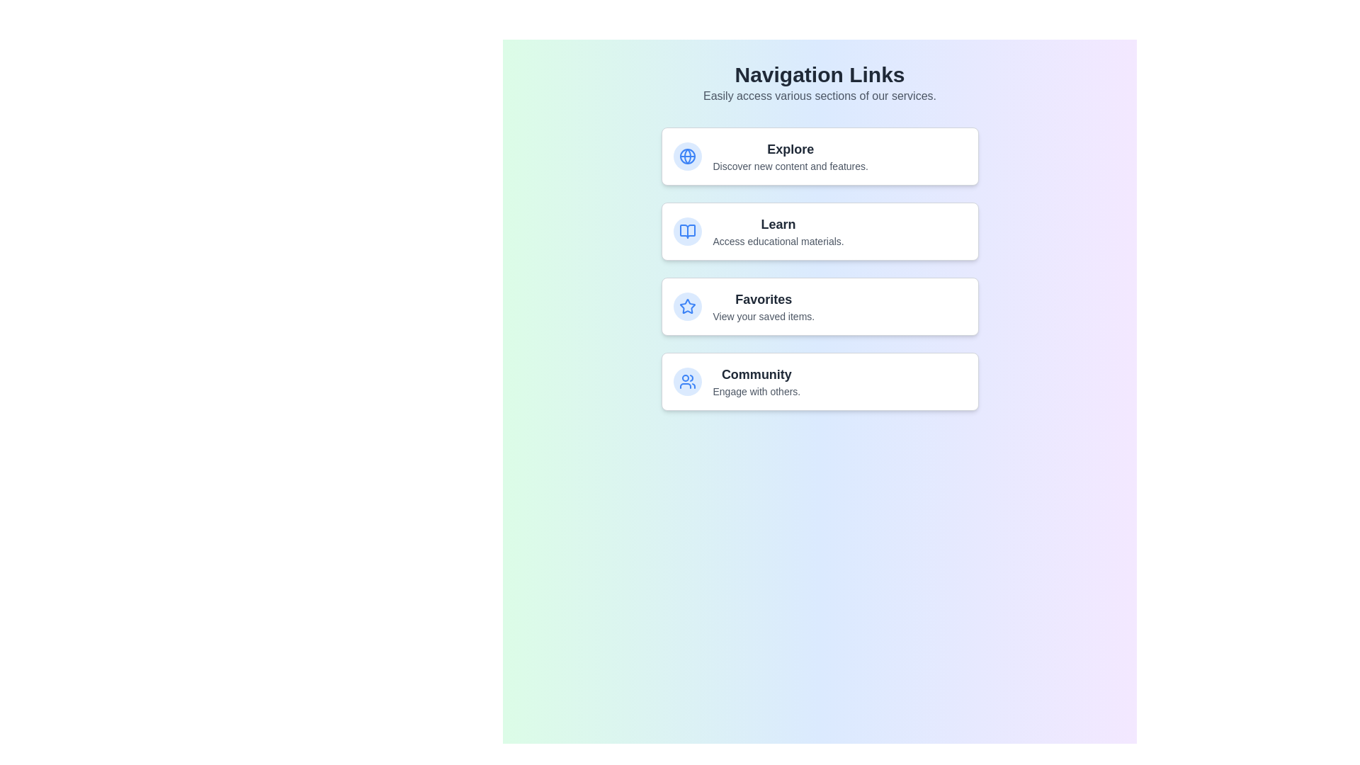 The width and height of the screenshot is (1360, 765). I want to click on the supplementary information text label related to the 'Learn' section, located below the 'Learn' header in the vertical navigation interface, so click(778, 240).